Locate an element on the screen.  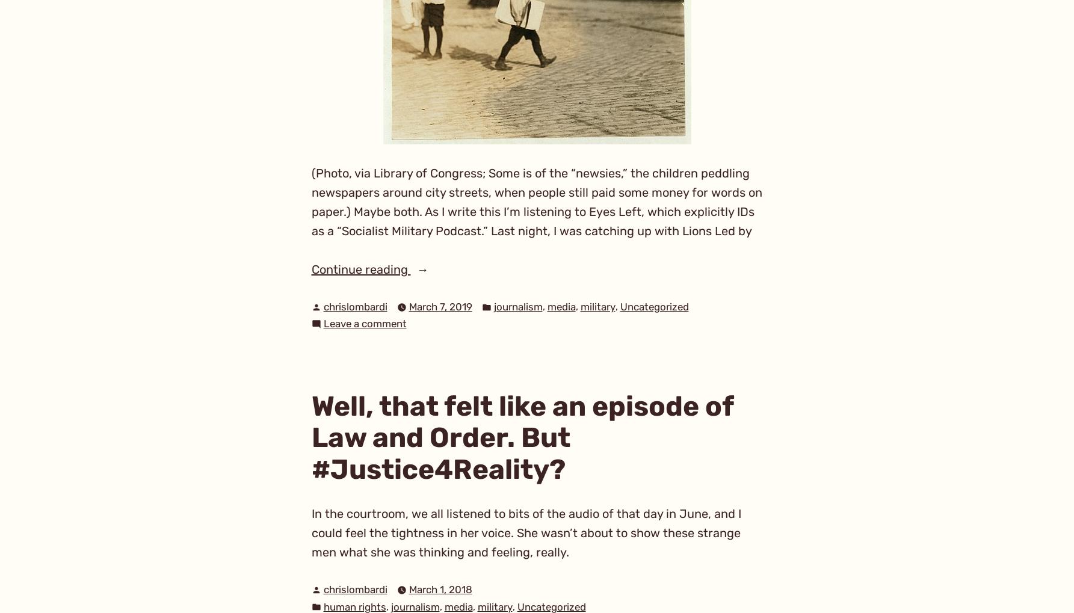
'March 1, 2018' is located at coordinates (439, 589).